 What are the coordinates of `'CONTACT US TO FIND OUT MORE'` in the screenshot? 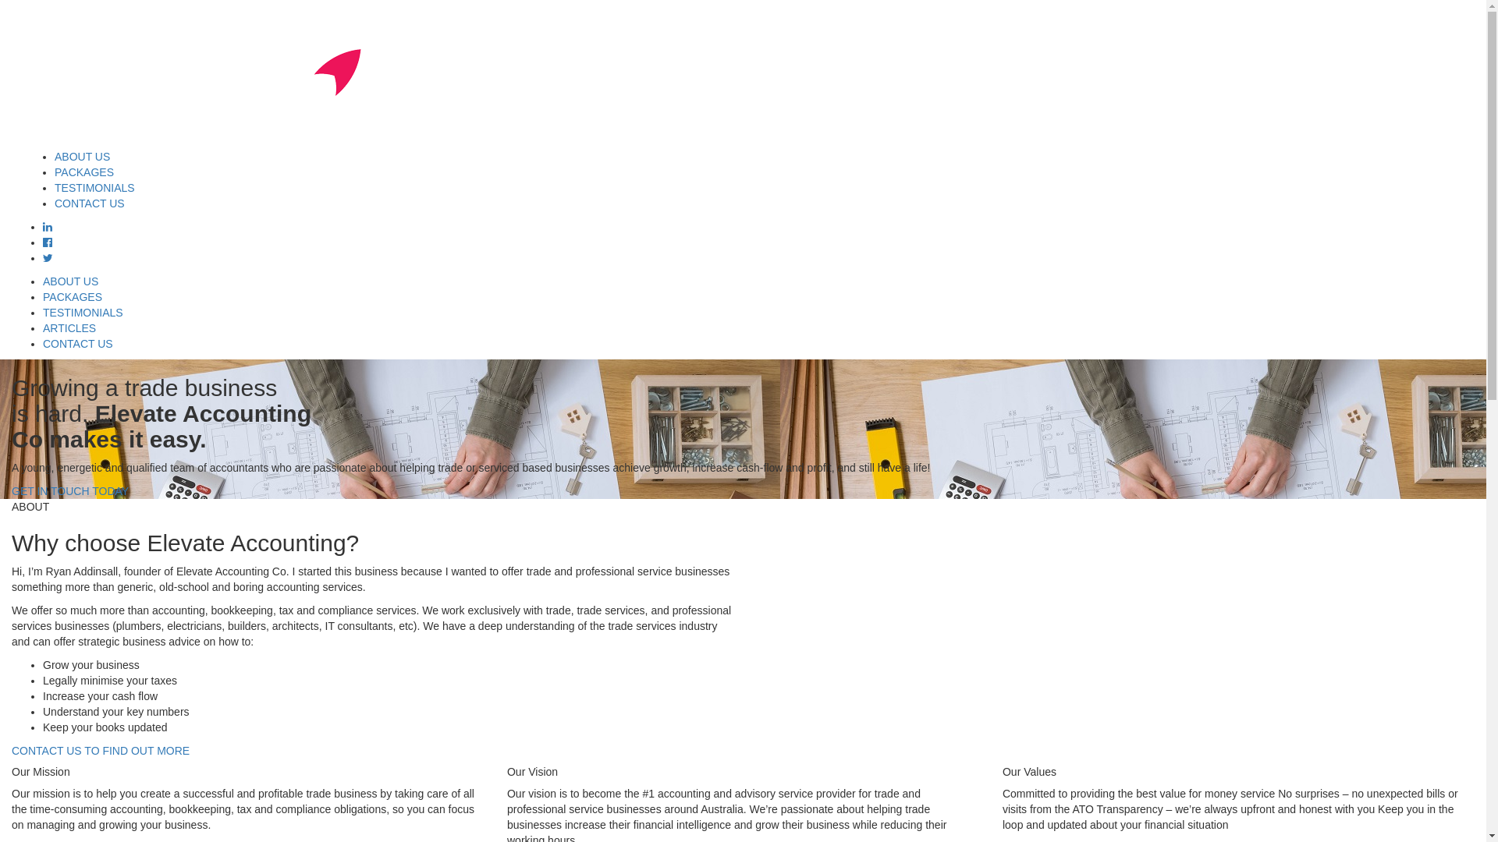 It's located at (100, 750).